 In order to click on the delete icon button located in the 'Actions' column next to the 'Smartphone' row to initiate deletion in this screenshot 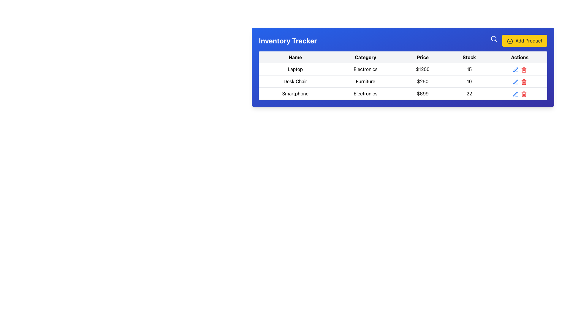, I will do `click(524, 94)`.